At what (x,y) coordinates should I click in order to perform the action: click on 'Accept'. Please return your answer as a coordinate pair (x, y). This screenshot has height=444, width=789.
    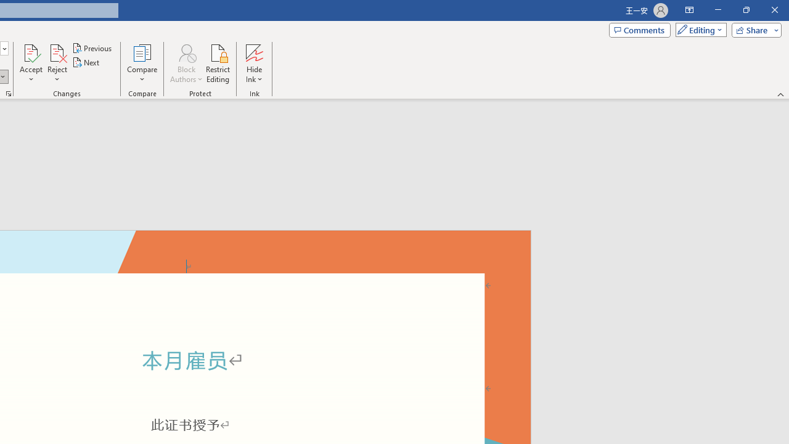
    Looking at the image, I should click on (31, 64).